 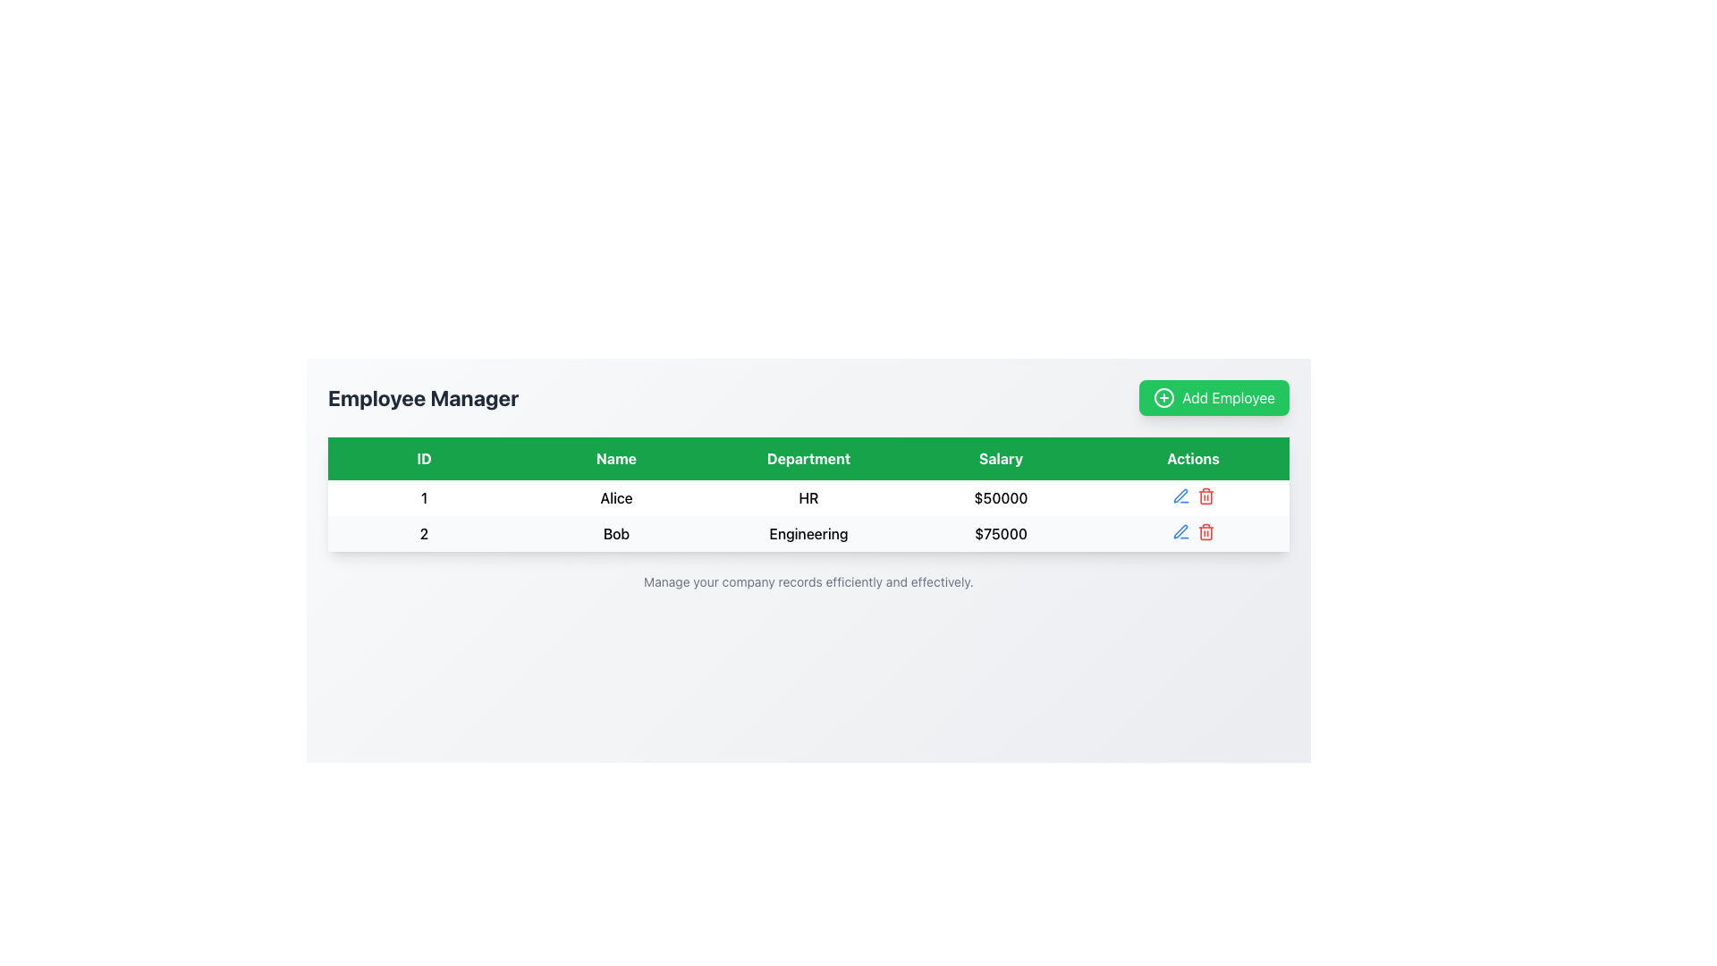 I want to click on the visual indicator associated with the 'Add Employee' button, located to the left of the button's text, so click(x=1164, y=396).